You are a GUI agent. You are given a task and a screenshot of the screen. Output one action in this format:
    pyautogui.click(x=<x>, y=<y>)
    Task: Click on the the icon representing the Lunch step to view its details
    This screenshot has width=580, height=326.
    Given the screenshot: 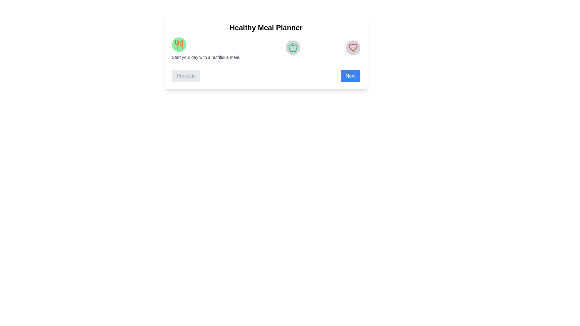 What is the action you would take?
    pyautogui.click(x=293, y=47)
    